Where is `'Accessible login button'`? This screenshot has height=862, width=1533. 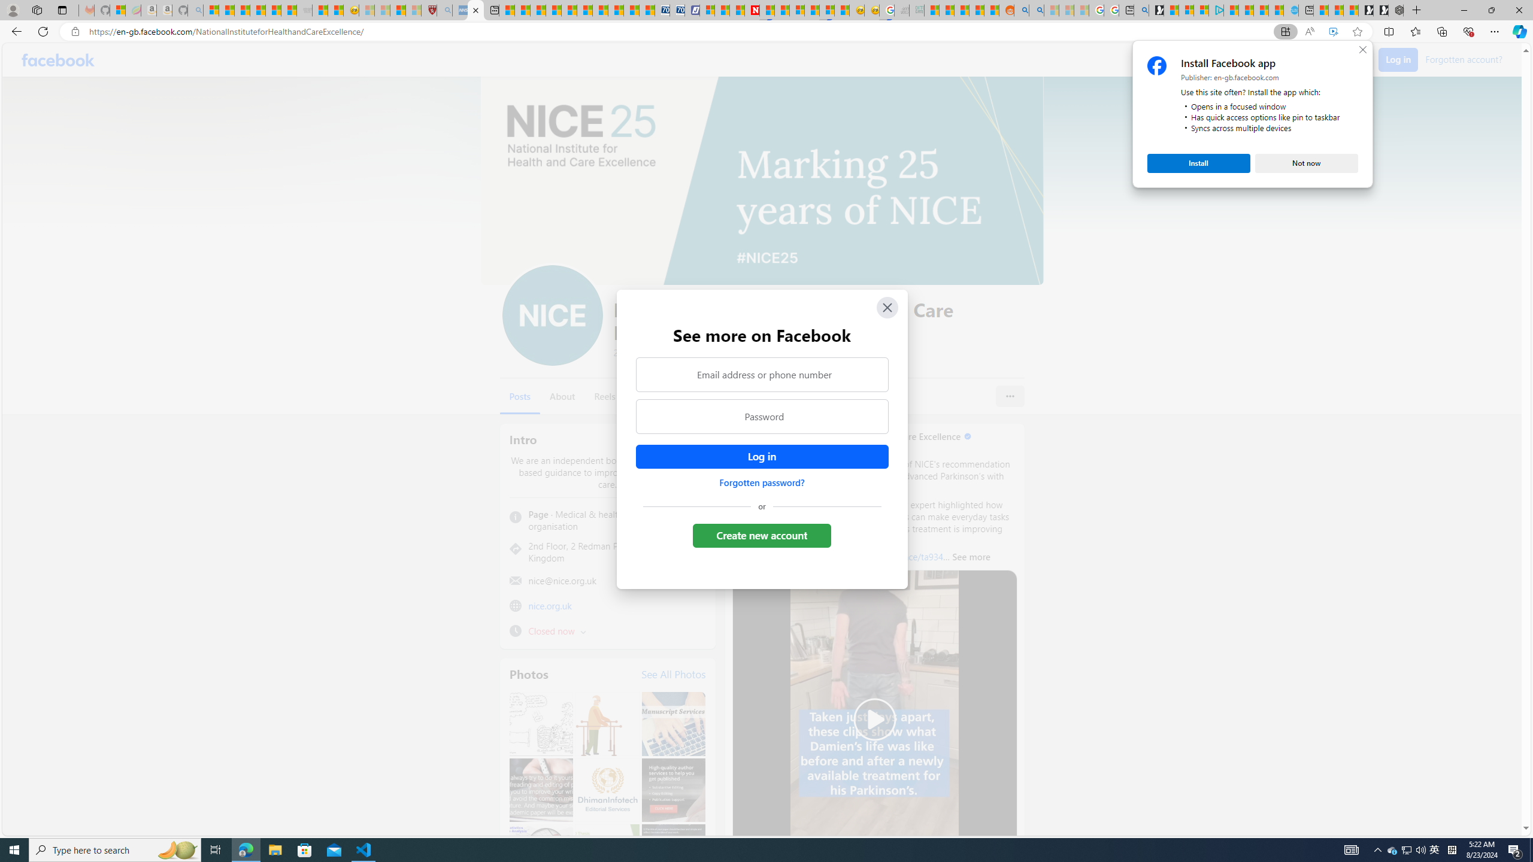 'Accessible login button' is located at coordinates (761, 456).